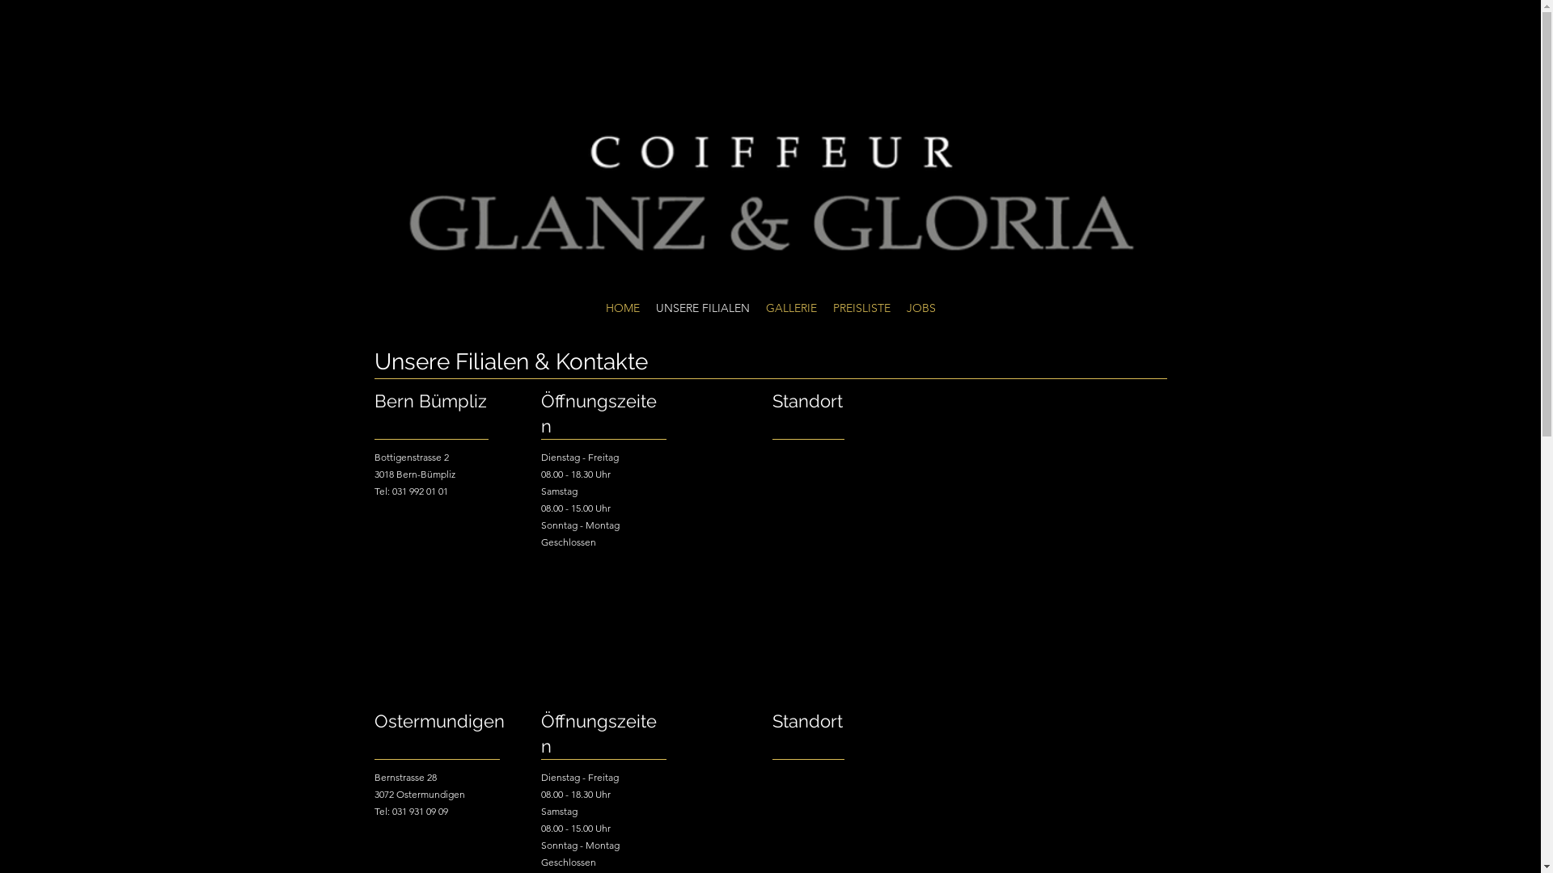  What do you see at coordinates (702, 308) in the screenshot?
I see `'UNSERE FILIALEN'` at bounding box center [702, 308].